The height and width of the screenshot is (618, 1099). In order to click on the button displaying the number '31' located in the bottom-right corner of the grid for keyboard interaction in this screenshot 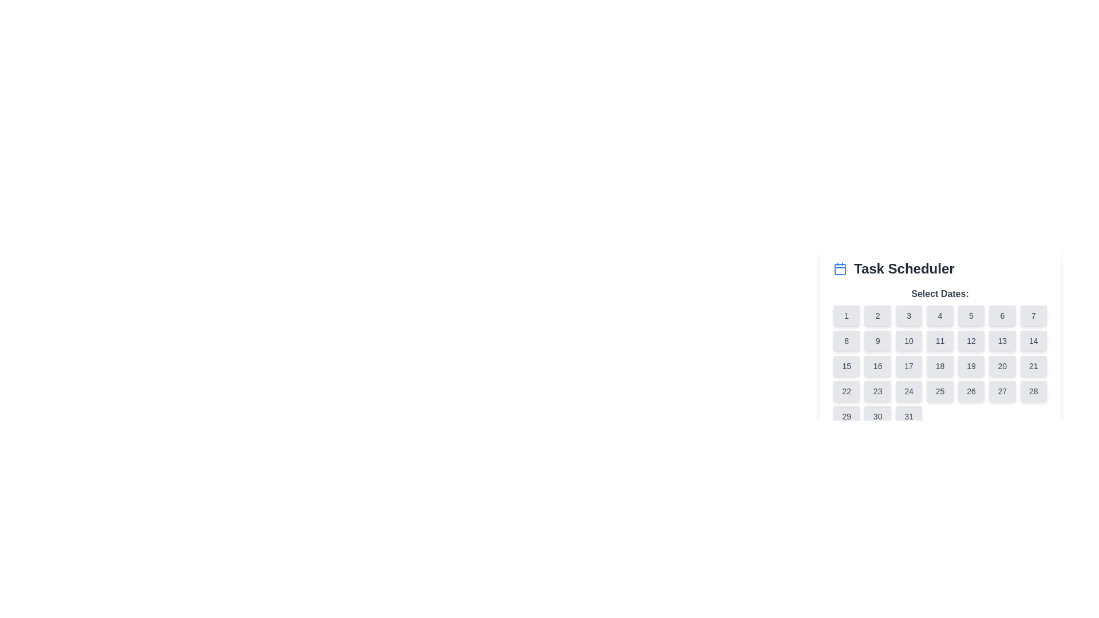, I will do `click(908, 417)`.